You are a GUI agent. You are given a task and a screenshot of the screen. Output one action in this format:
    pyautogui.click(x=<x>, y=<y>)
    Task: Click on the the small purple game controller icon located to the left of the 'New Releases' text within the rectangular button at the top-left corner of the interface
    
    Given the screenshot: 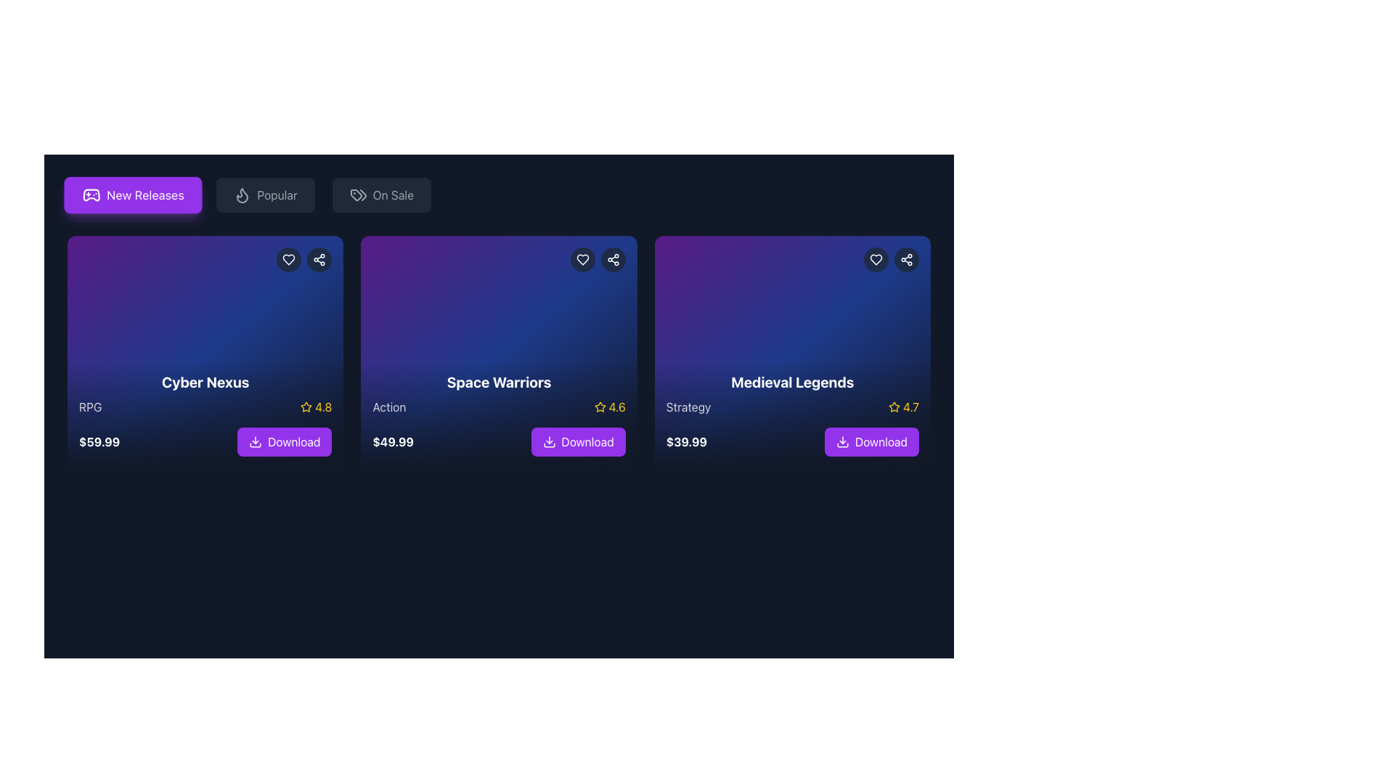 What is the action you would take?
    pyautogui.click(x=91, y=195)
    